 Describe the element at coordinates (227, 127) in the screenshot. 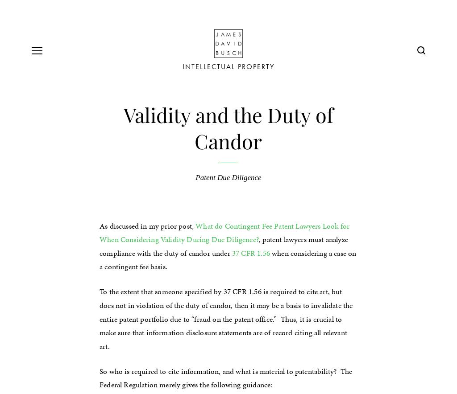

I see `'Validity and the Duty of Candor'` at that location.